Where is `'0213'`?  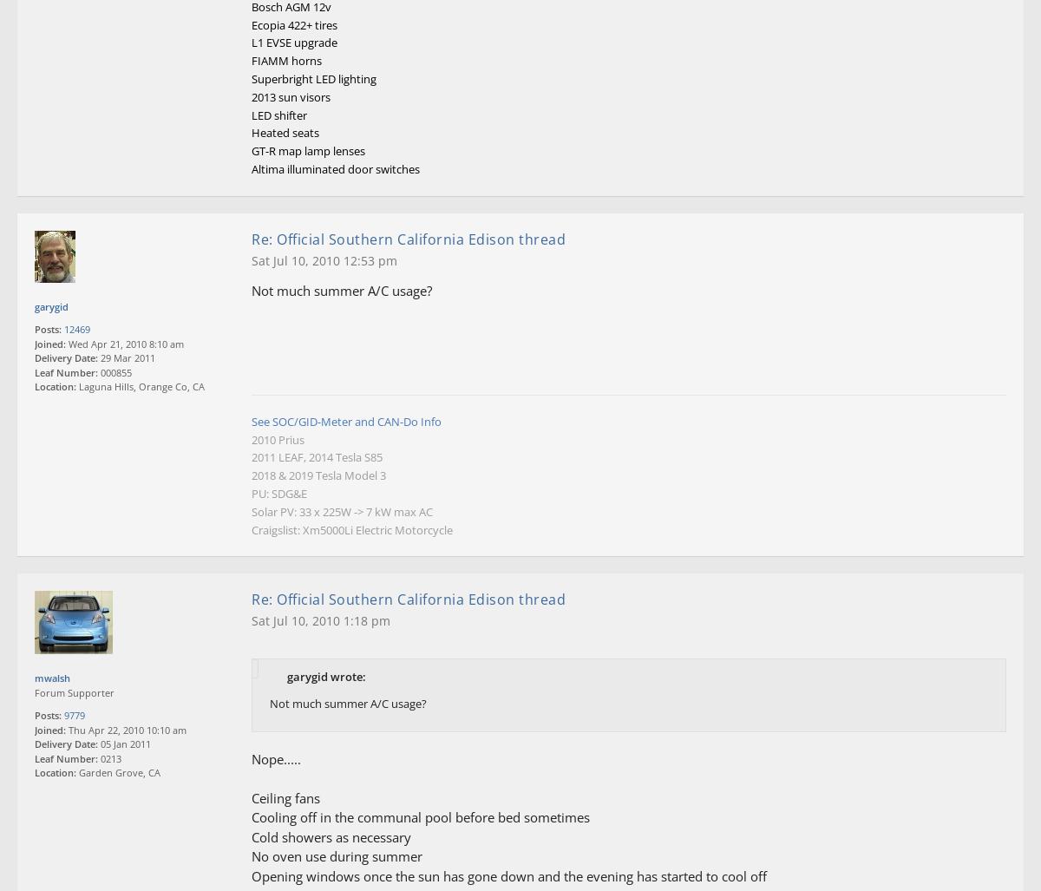 '0213' is located at coordinates (109, 757).